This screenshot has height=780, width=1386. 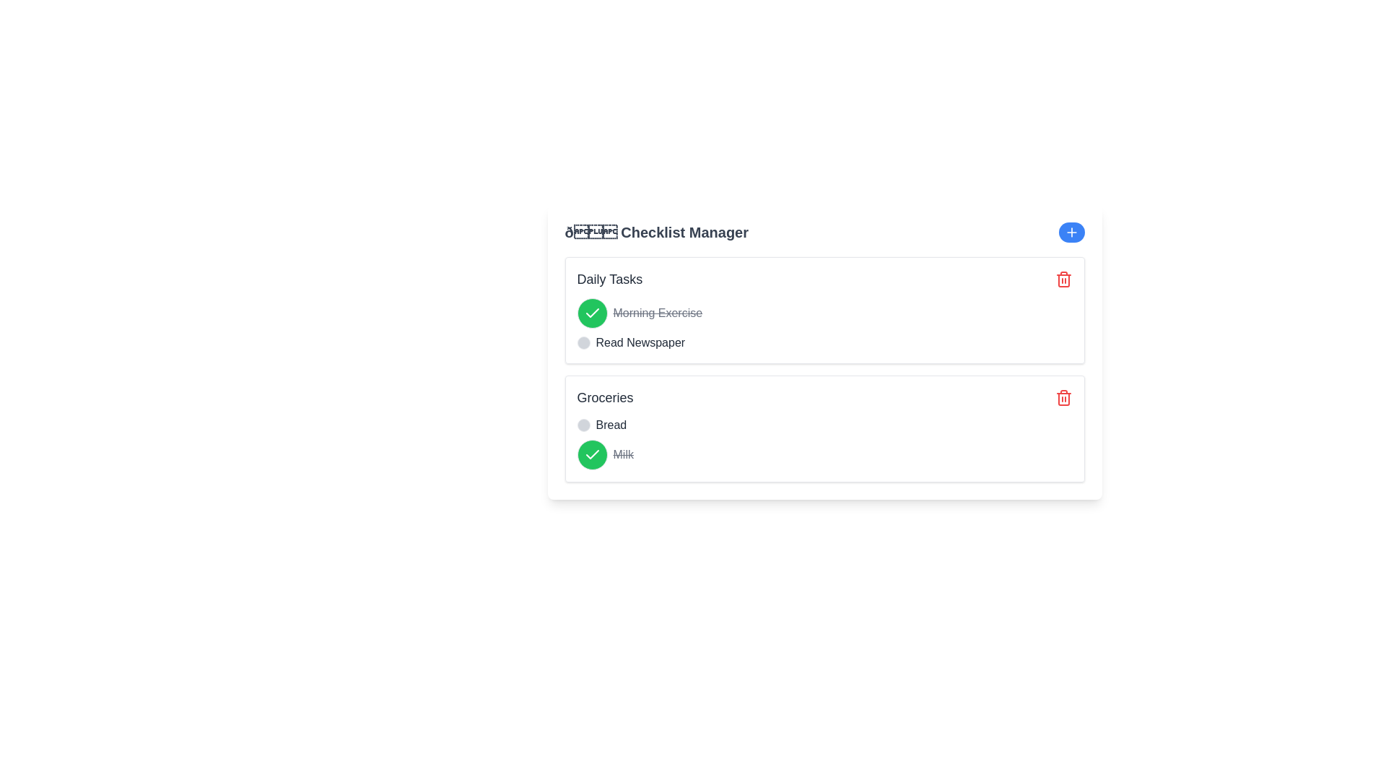 What do you see at coordinates (1071, 231) in the screenshot?
I see `the blue circular icon with a white plus symbol located at the top-right corner of the 'Checklist Manager' interface` at bounding box center [1071, 231].